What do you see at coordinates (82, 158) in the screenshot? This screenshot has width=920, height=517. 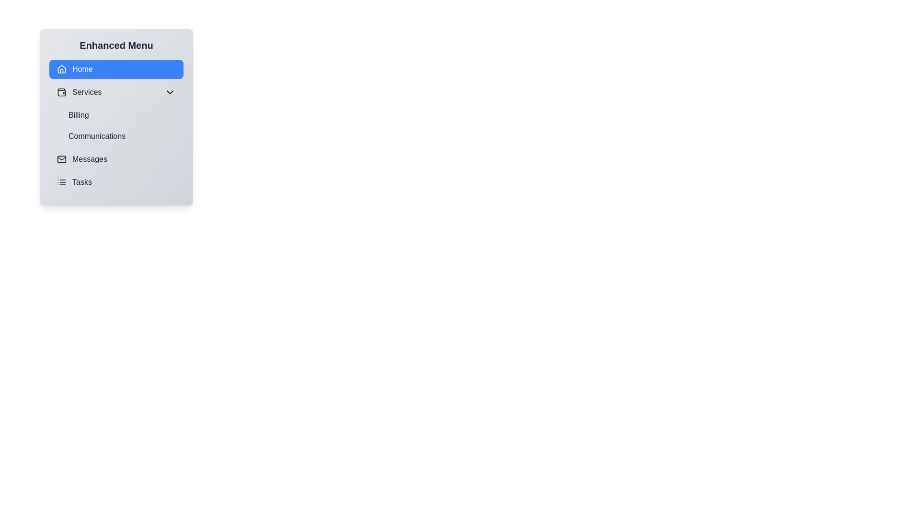 I see `the fourth menu item in the left sidebar` at bounding box center [82, 158].